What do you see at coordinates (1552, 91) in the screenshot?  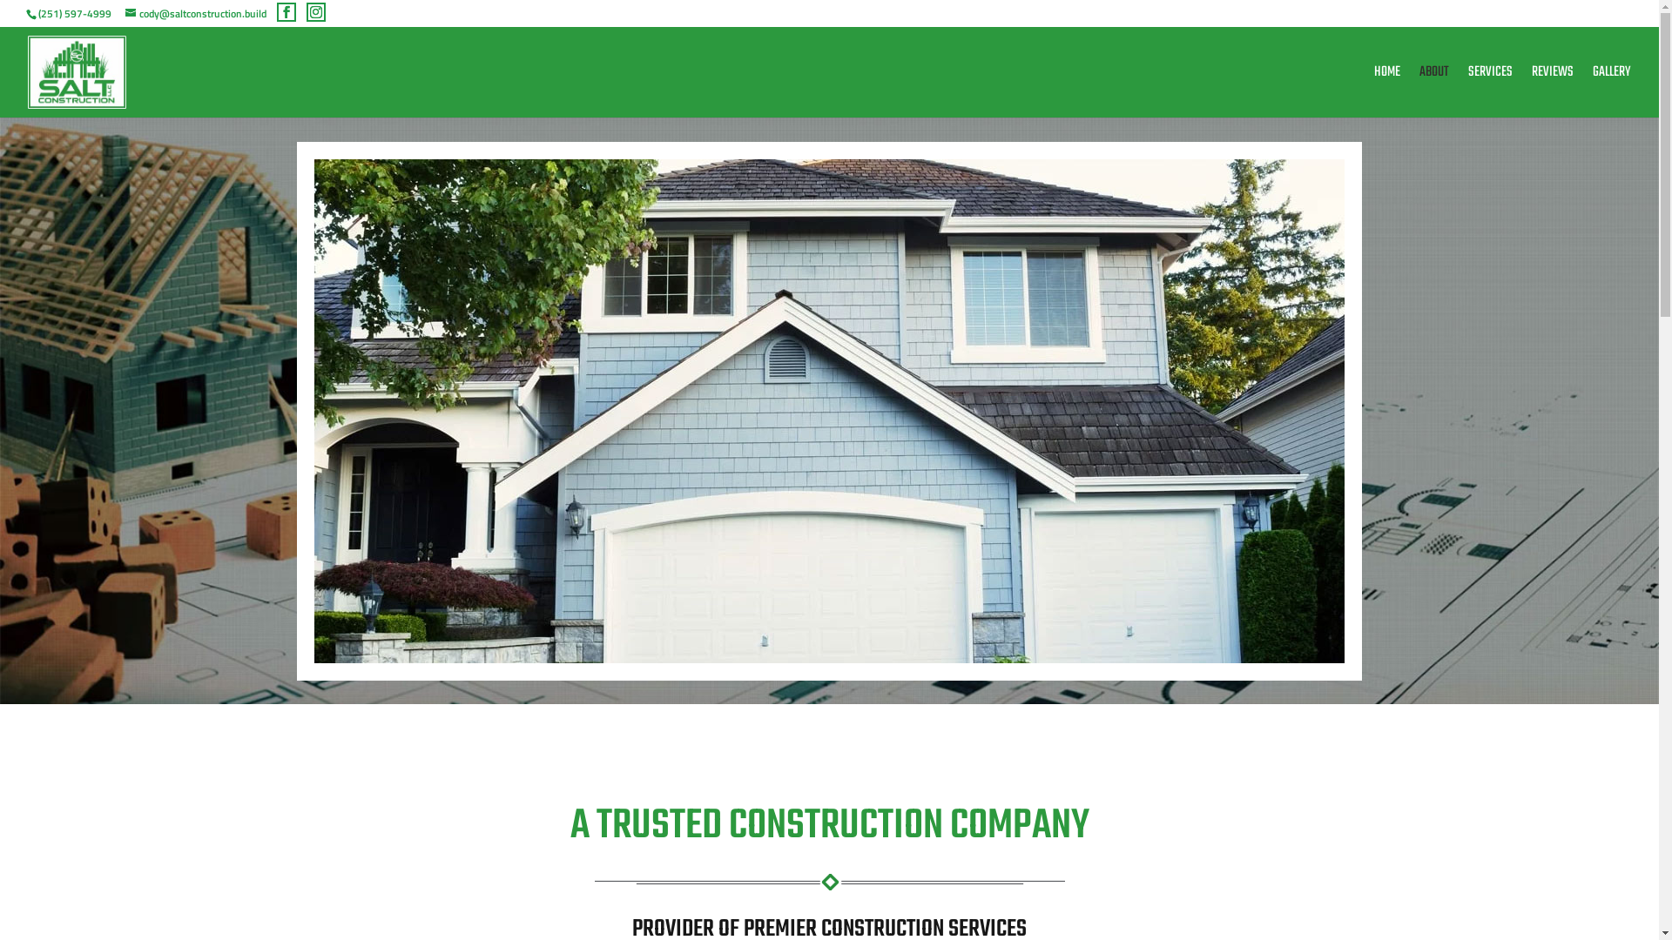 I see `'REVIEWS'` at bounding box center [1552, 91].